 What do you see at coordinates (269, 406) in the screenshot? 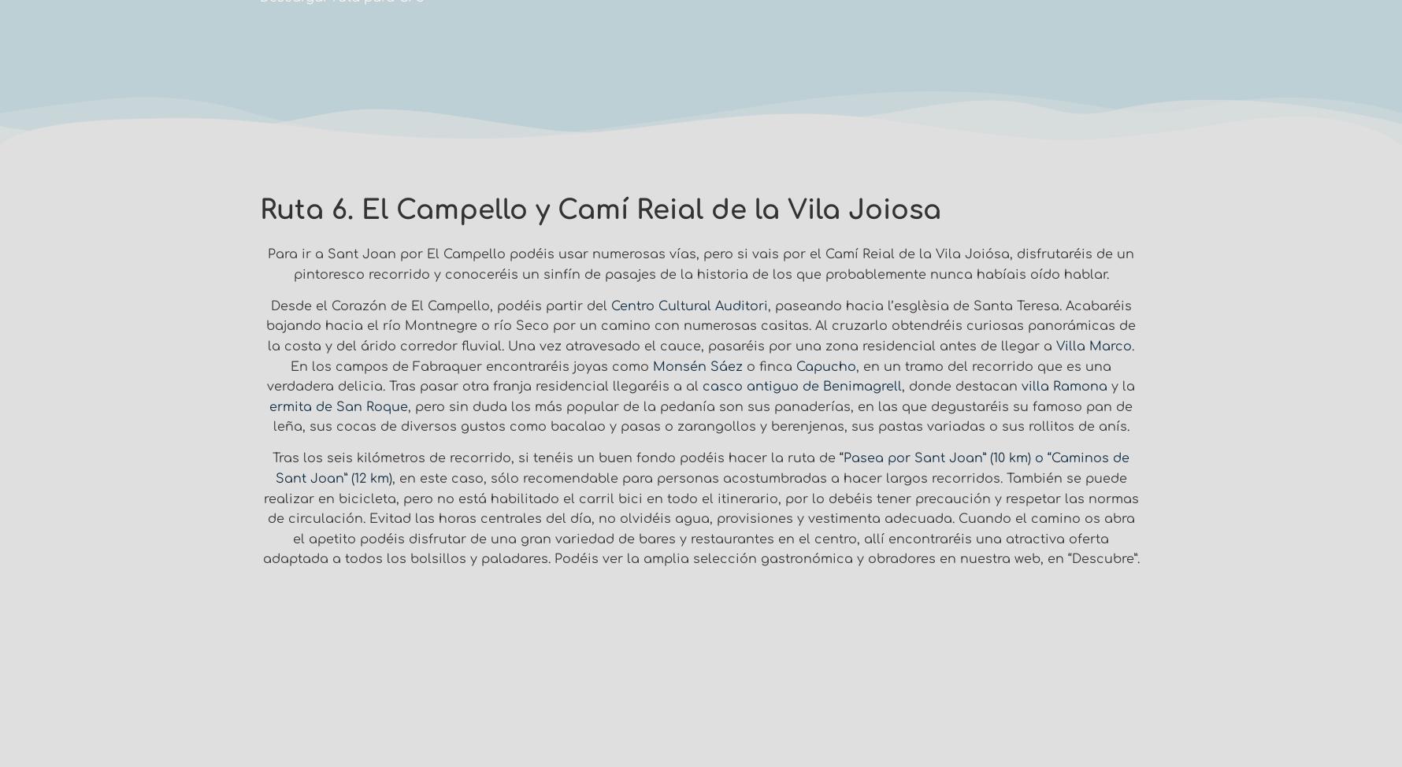
I see `'ermita de San Roque'` at bounding box center [269, 406].